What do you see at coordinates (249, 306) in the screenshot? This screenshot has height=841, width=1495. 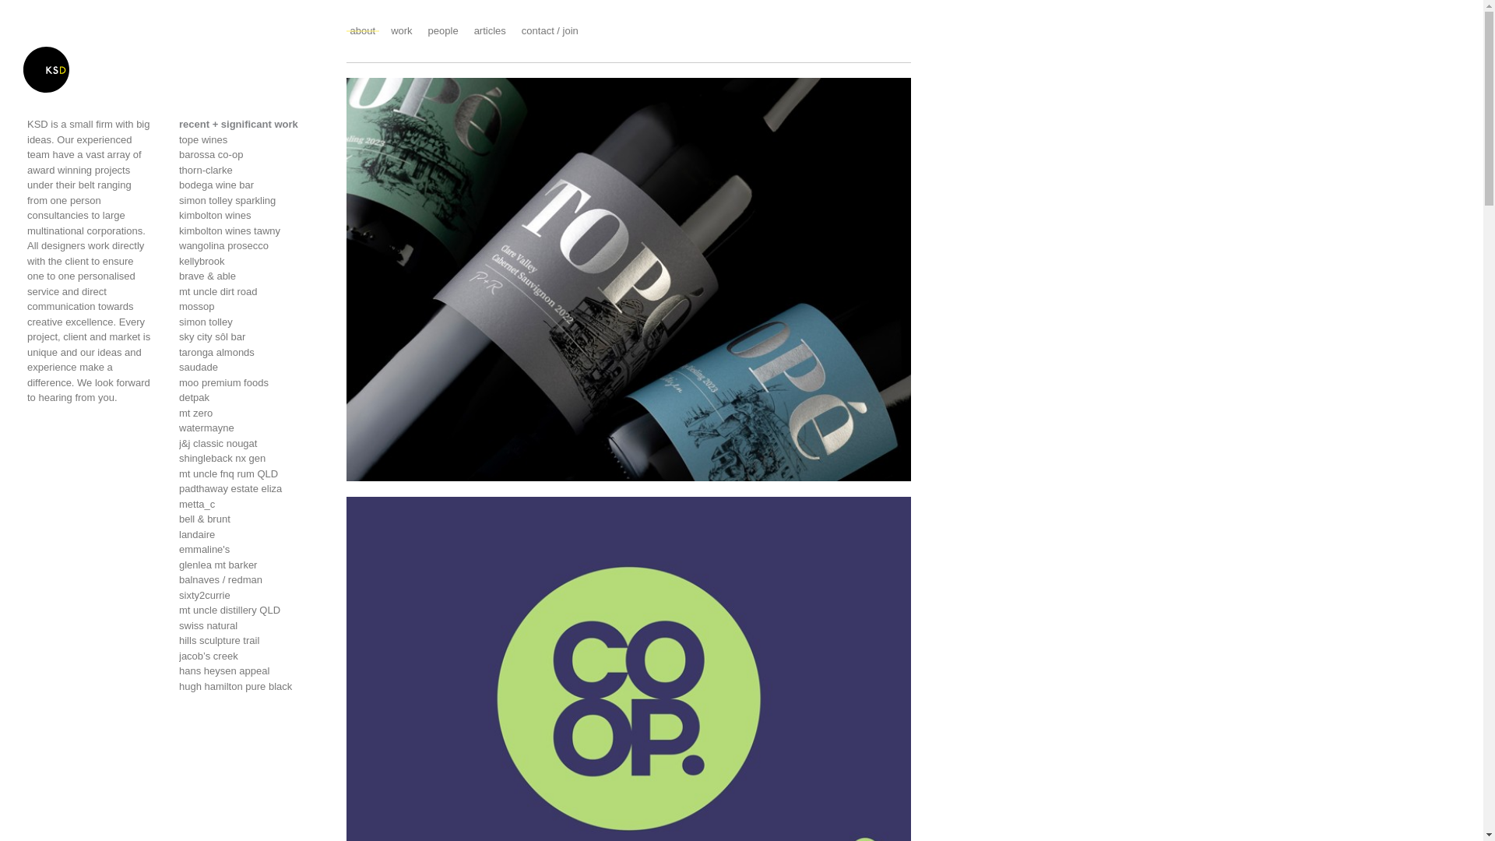 I see `'mossop'` at bounding box center [249, 306].